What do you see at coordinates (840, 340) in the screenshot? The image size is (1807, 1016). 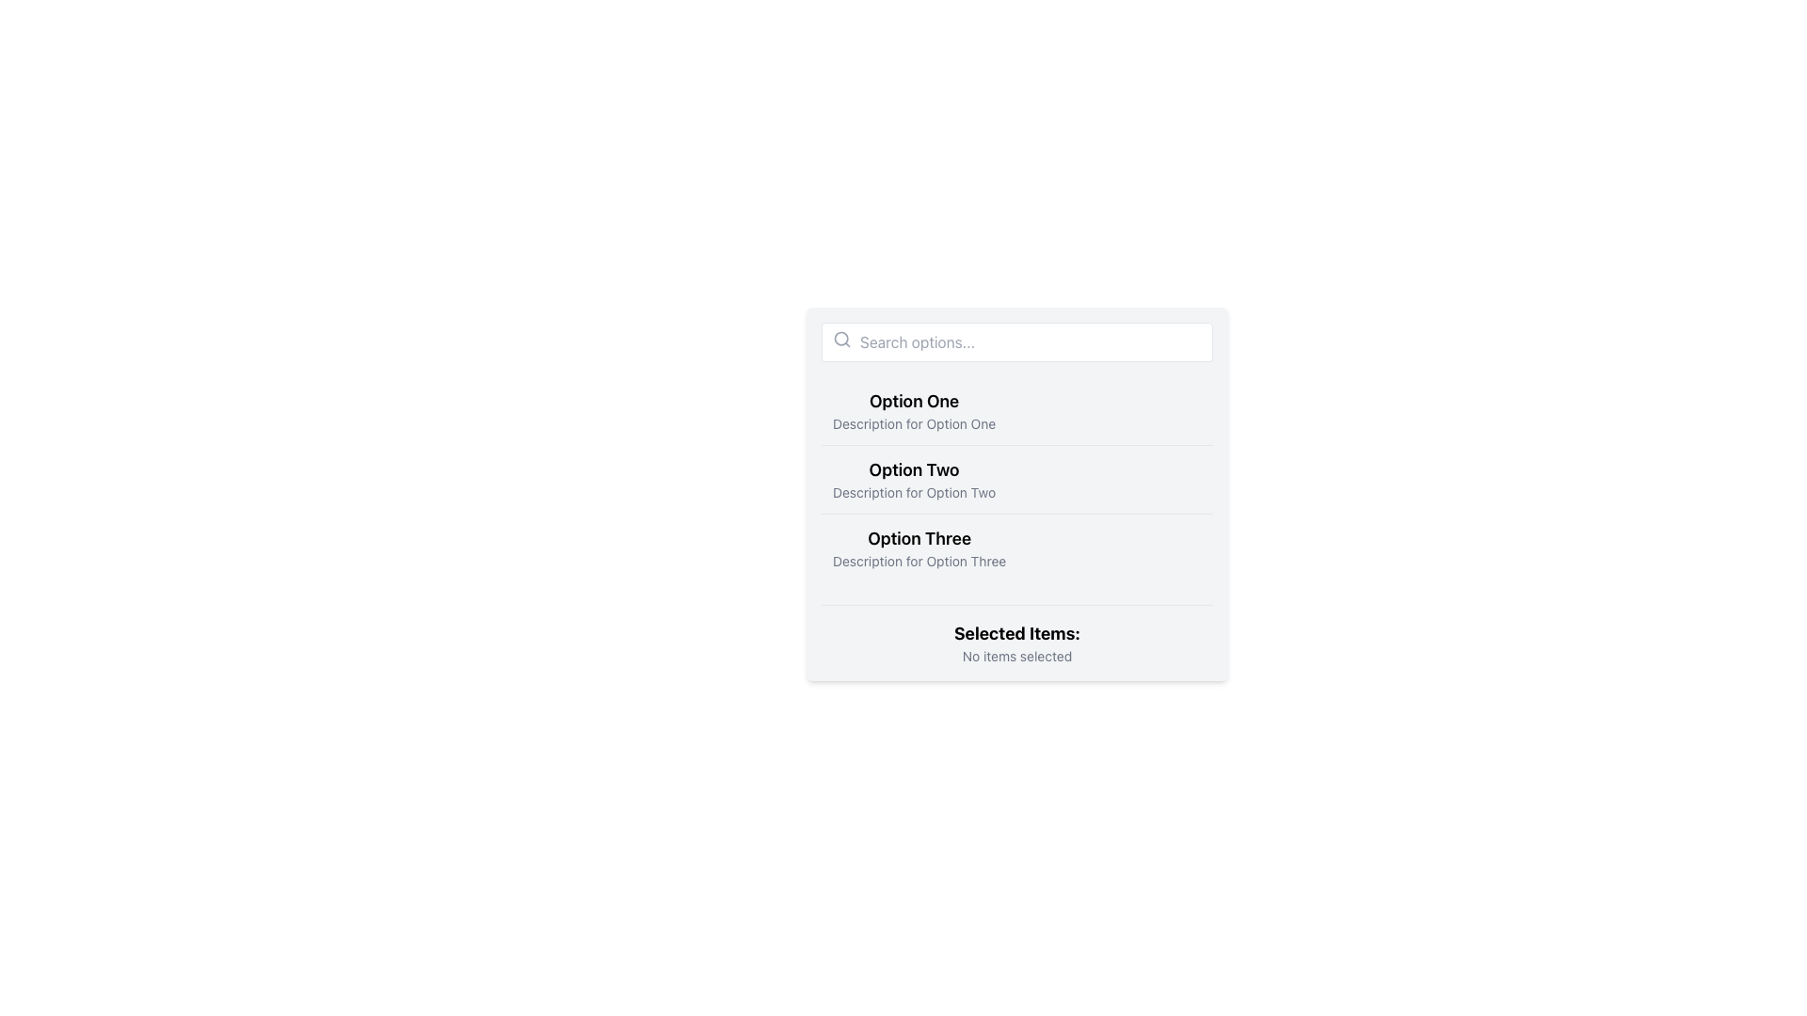 I see `the search icon located at the top-left corner of the search input field to initiate the search` at bounding box center [840, 340].